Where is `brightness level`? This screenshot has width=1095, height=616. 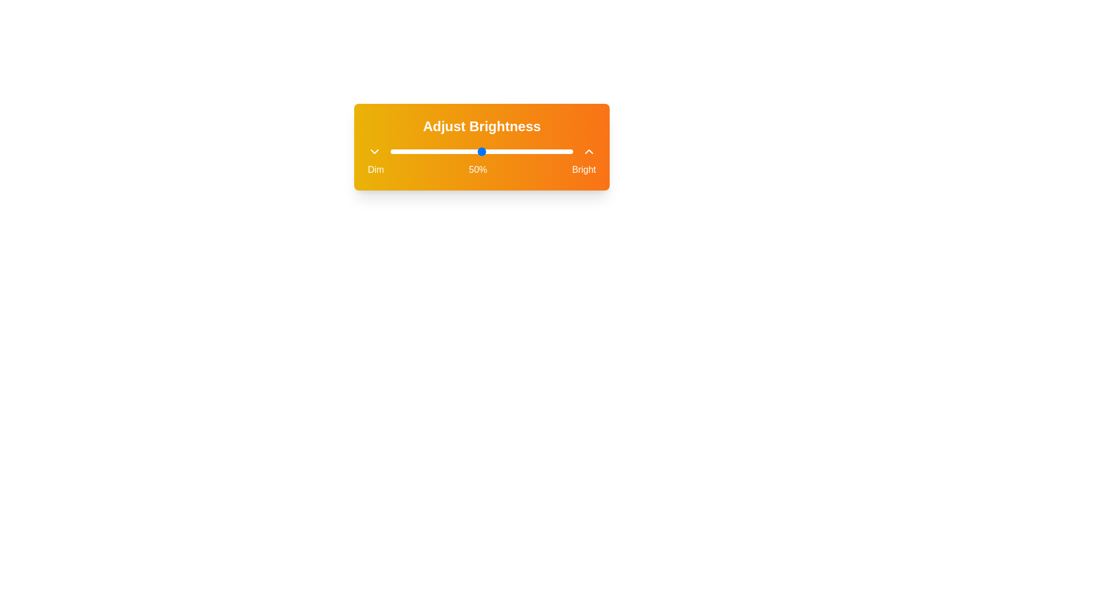
brightness level is located at coordinates (394, 151).